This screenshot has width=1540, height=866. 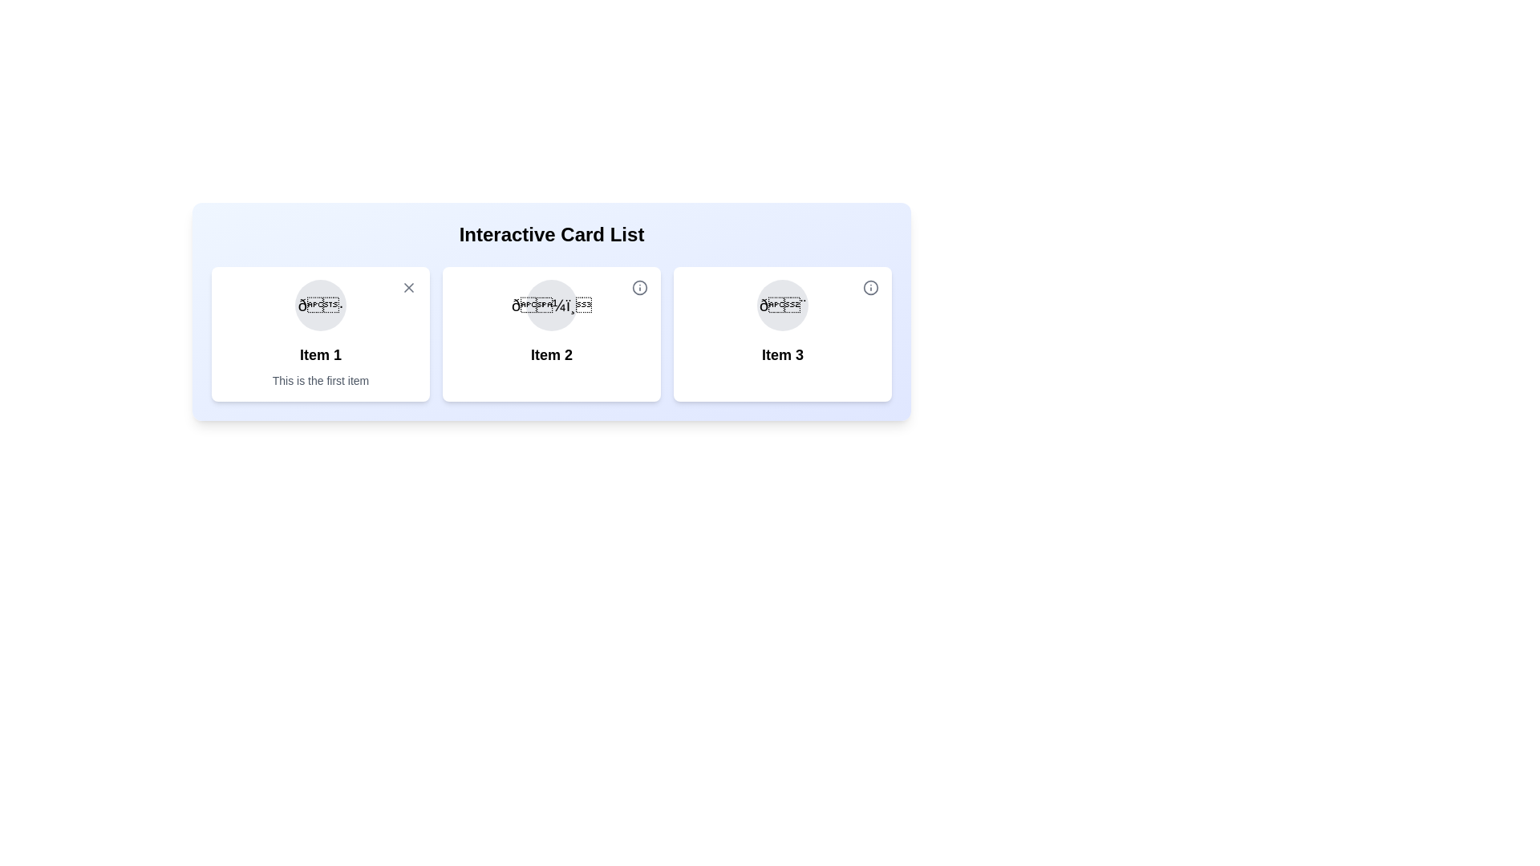 I want to click on toggle button for Item 3 to toggle its details visibility, so click(x=869, y=286).